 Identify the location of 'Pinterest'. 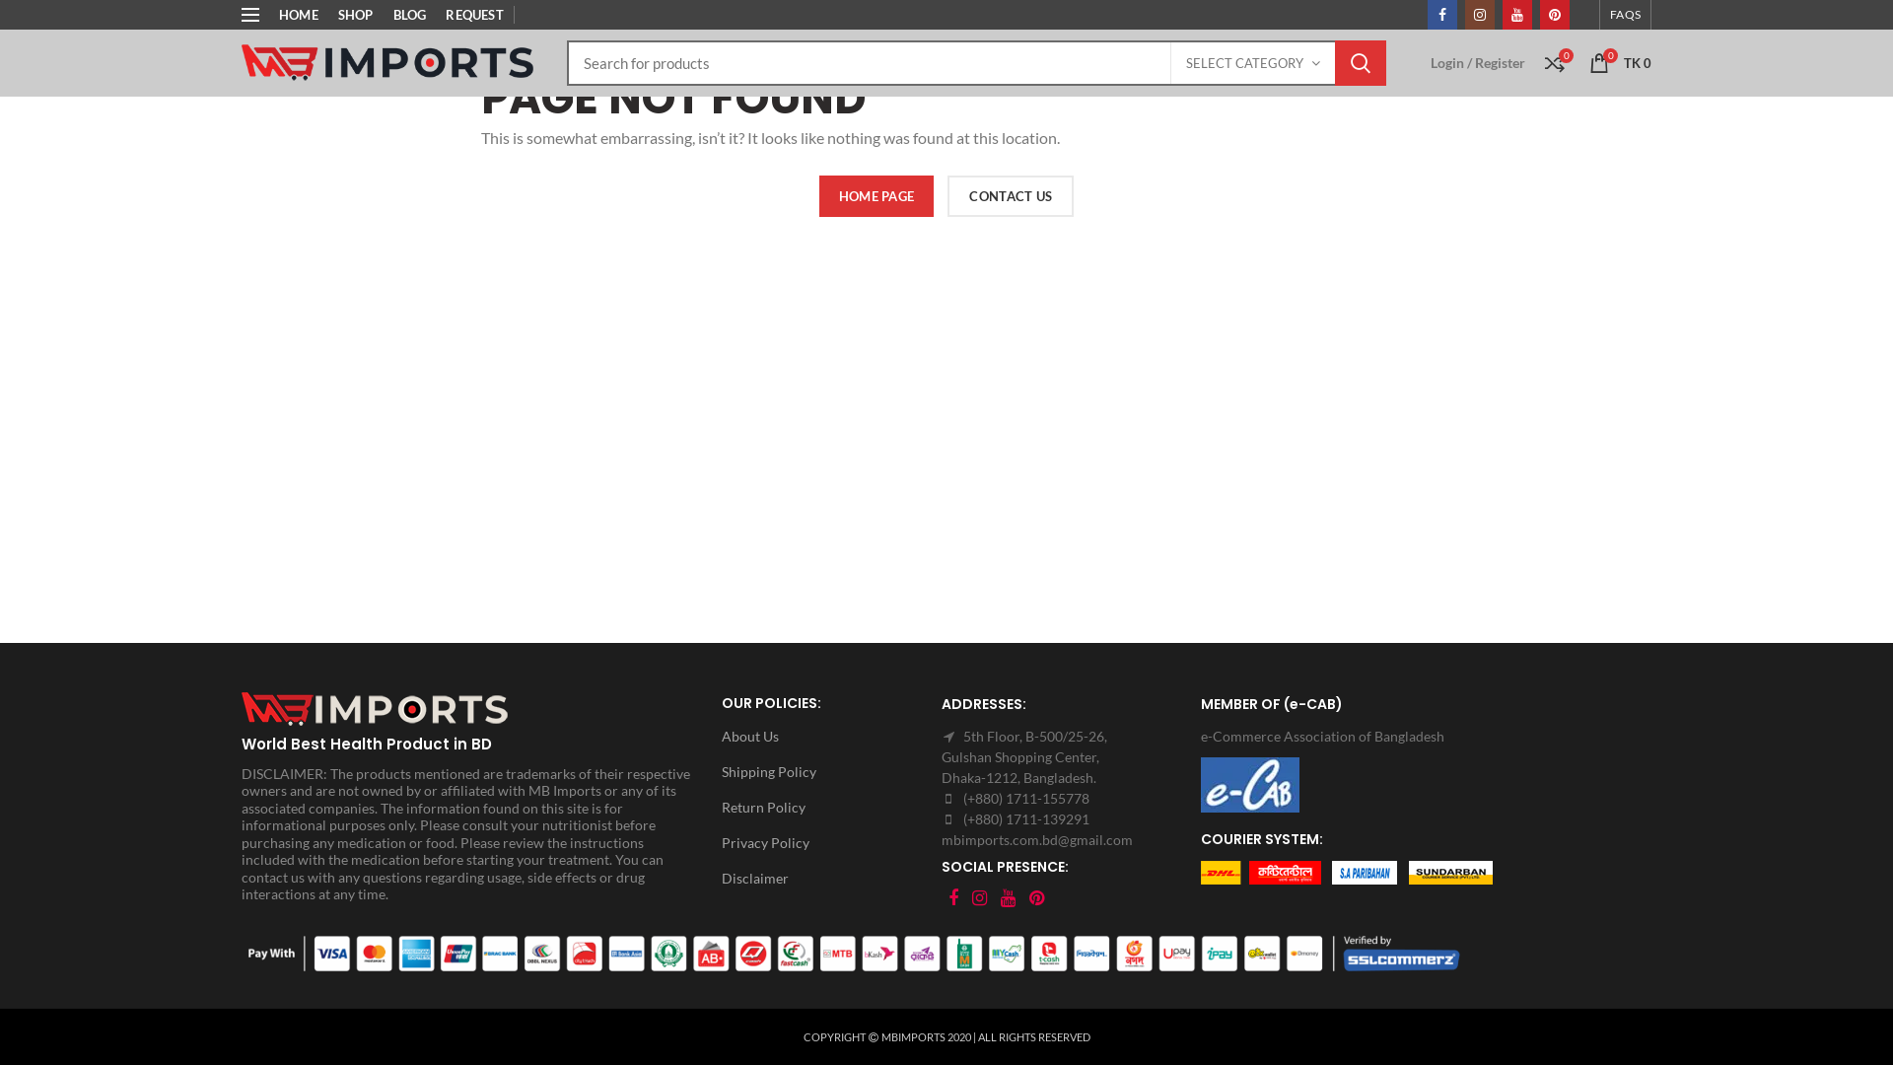
(1538, 15).